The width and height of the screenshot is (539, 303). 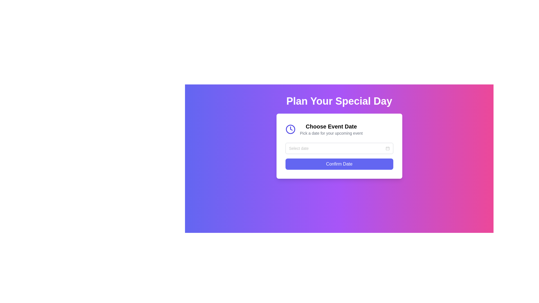 I want to click on the 'Confirm Date' button, which has a rounded rectangular shape, indigo background, and white text, to confirm the action, so click(x=339, y=164).